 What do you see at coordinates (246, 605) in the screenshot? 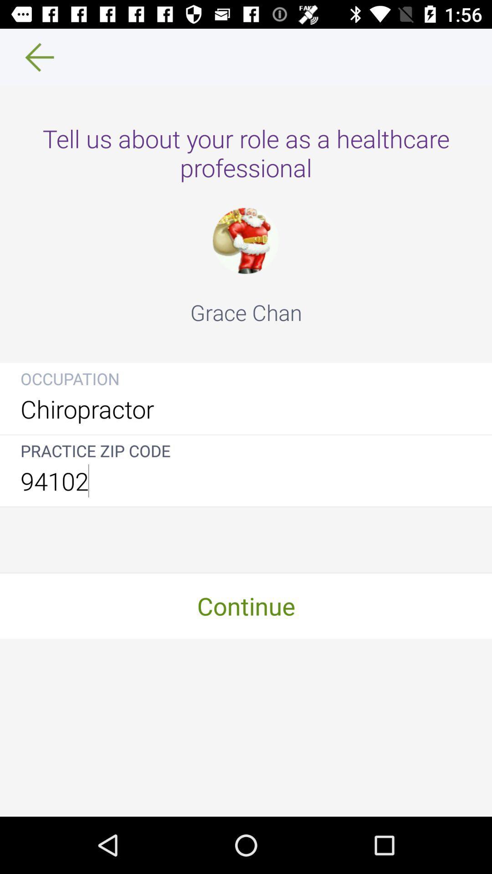
I see `continue` at bounding box center [246, 605].